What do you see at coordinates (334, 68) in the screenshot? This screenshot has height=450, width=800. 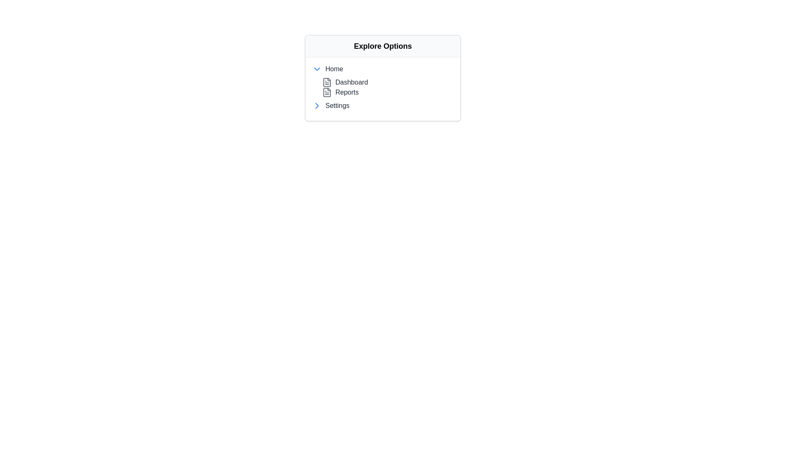 I see `the 'Home' label, which is a navigational label indicating the home page, located to the right of a downward-pointing arrow icon in the 'Explore Options' panel` at bounding box center [334, 68].